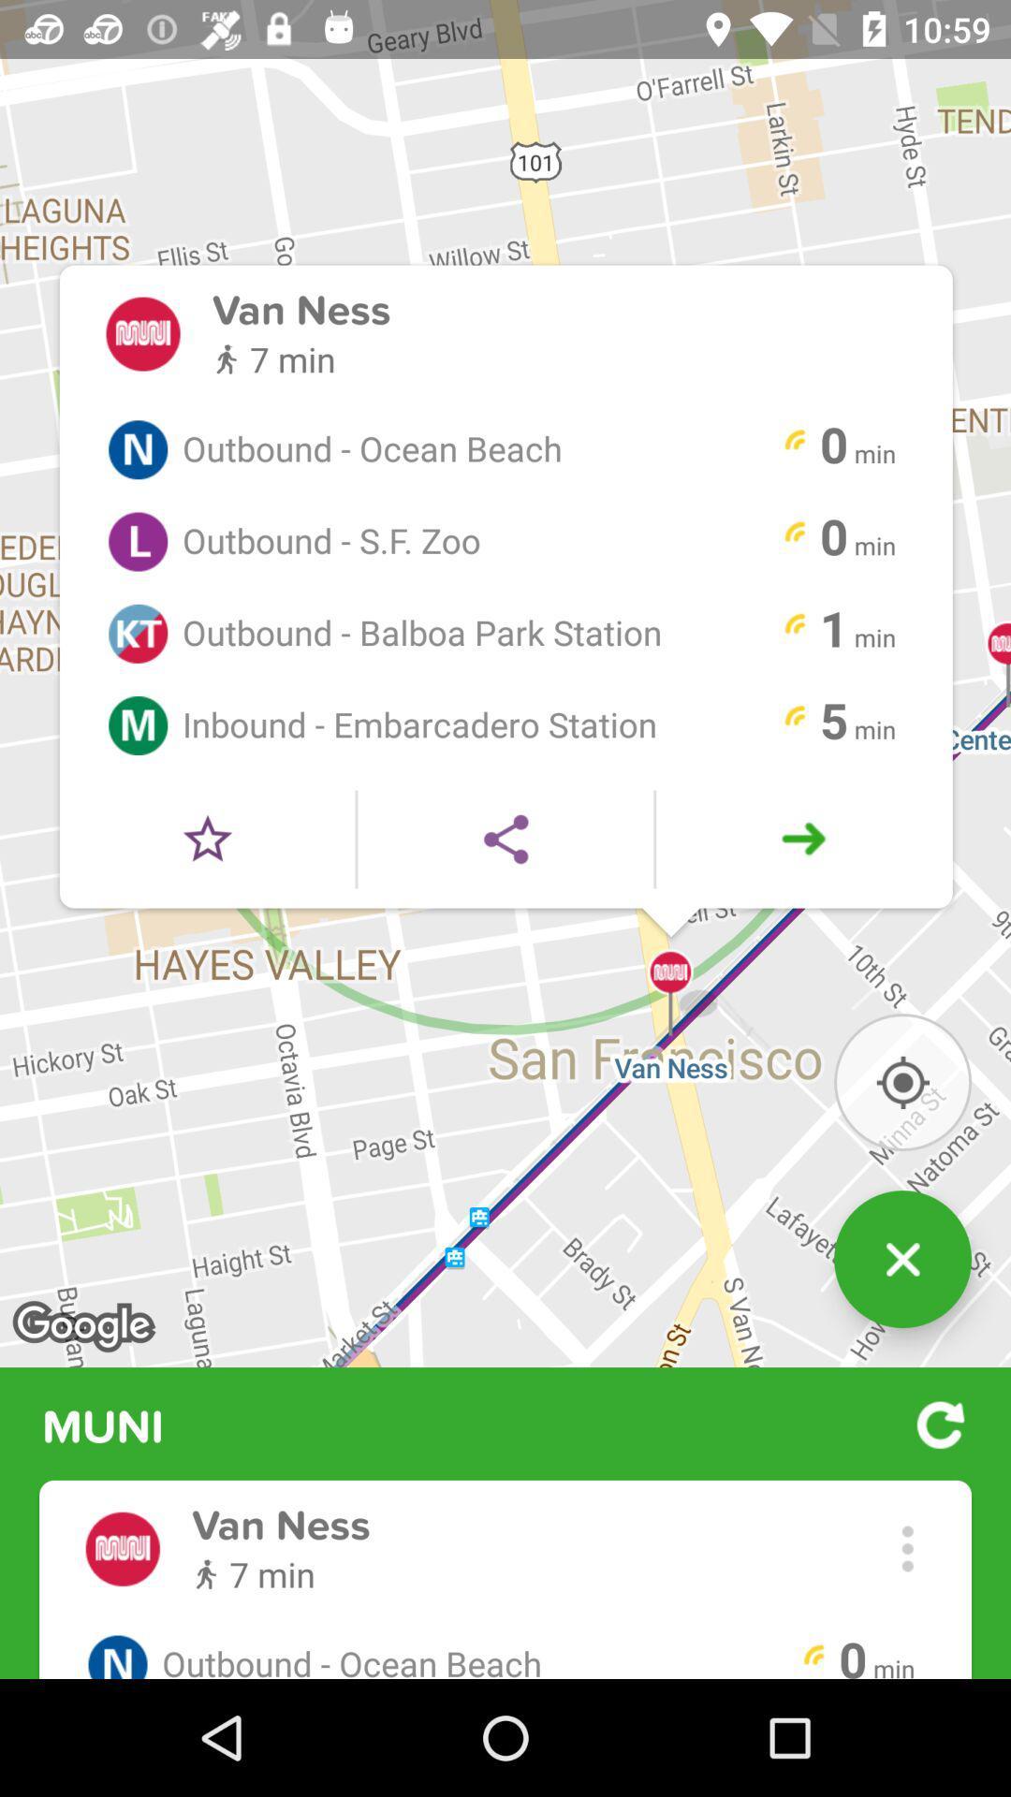 The height and width of the screenshot is (1797, 1011). I want to click on the close icon, so click(901, 1348).